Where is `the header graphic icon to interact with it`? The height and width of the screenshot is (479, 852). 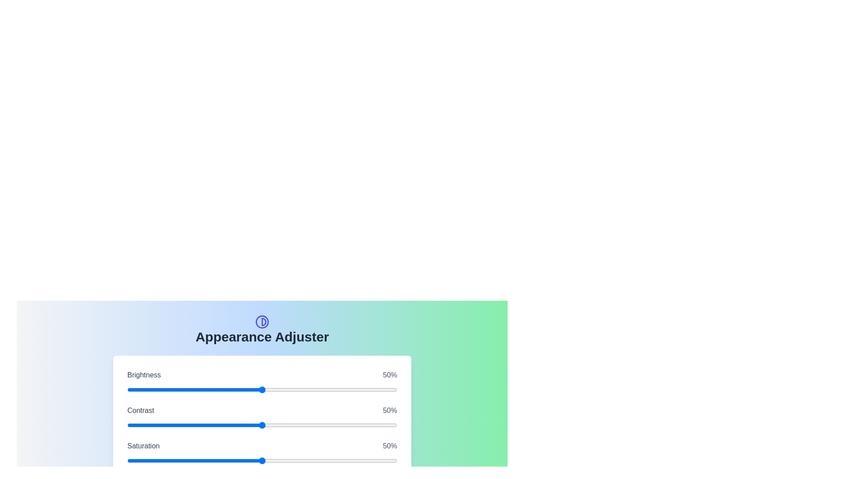
the header graphic icon to interact with it is located at coordinates (261, 322).